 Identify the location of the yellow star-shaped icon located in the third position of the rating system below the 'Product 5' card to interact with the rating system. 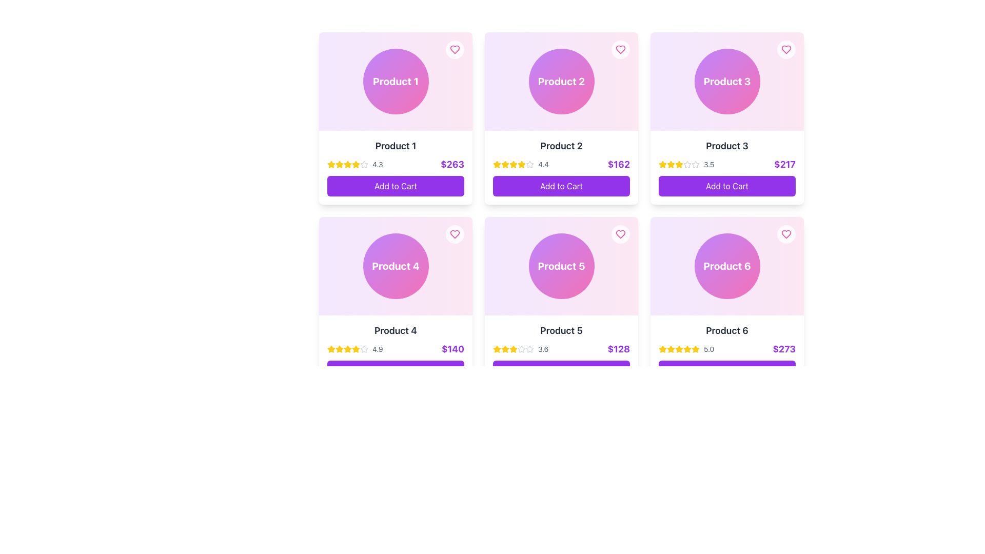
(505, 349).